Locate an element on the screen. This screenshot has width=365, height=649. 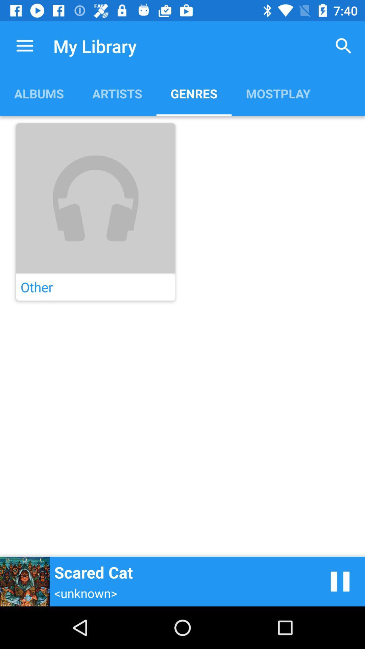
pause music is located at coordinates (340, 581).